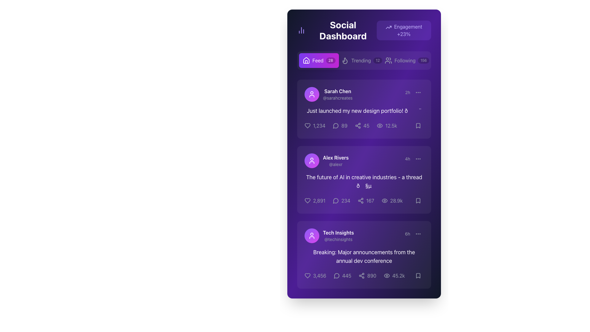 Image resolution: width=590 pixels, height=332 pixels. Describe the element at coordinates (341, 200) in the screenshot. I see `the interactive text and icon button displaying the comment count for the second post` at that location.